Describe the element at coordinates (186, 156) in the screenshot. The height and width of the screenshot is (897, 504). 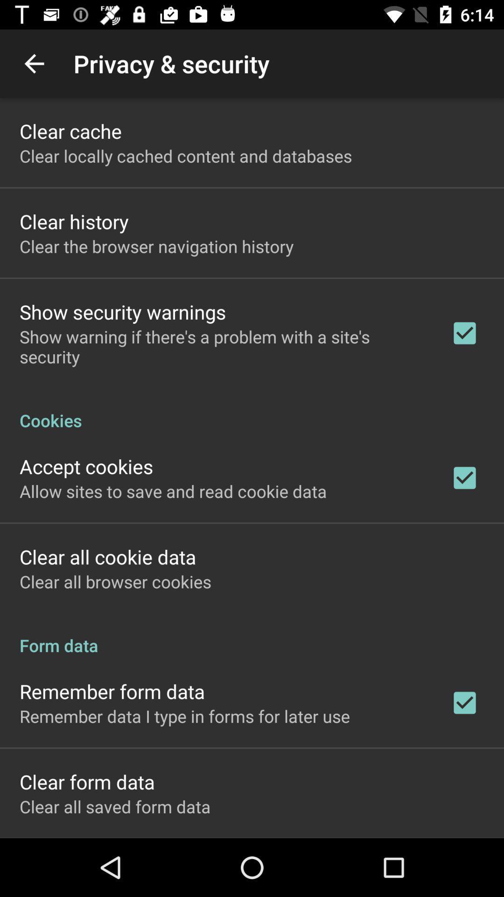
I see `clear locally cached` at that location.